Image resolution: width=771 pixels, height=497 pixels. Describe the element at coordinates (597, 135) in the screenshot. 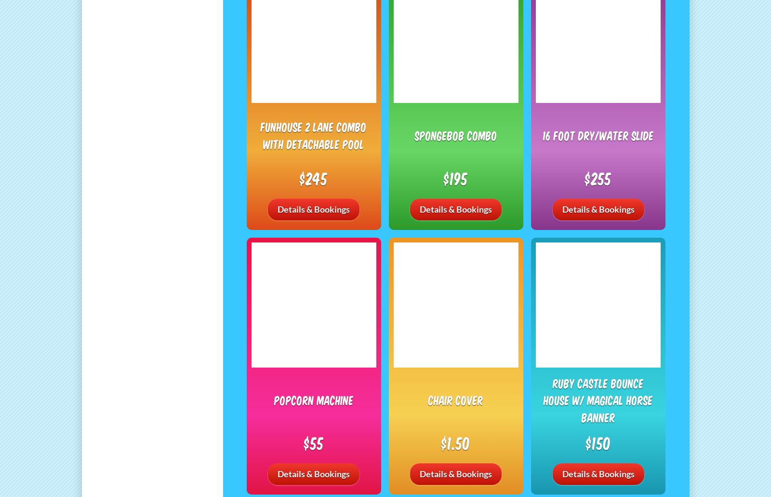

I see `'16 Foot Dry/Water Slide'` at that location.